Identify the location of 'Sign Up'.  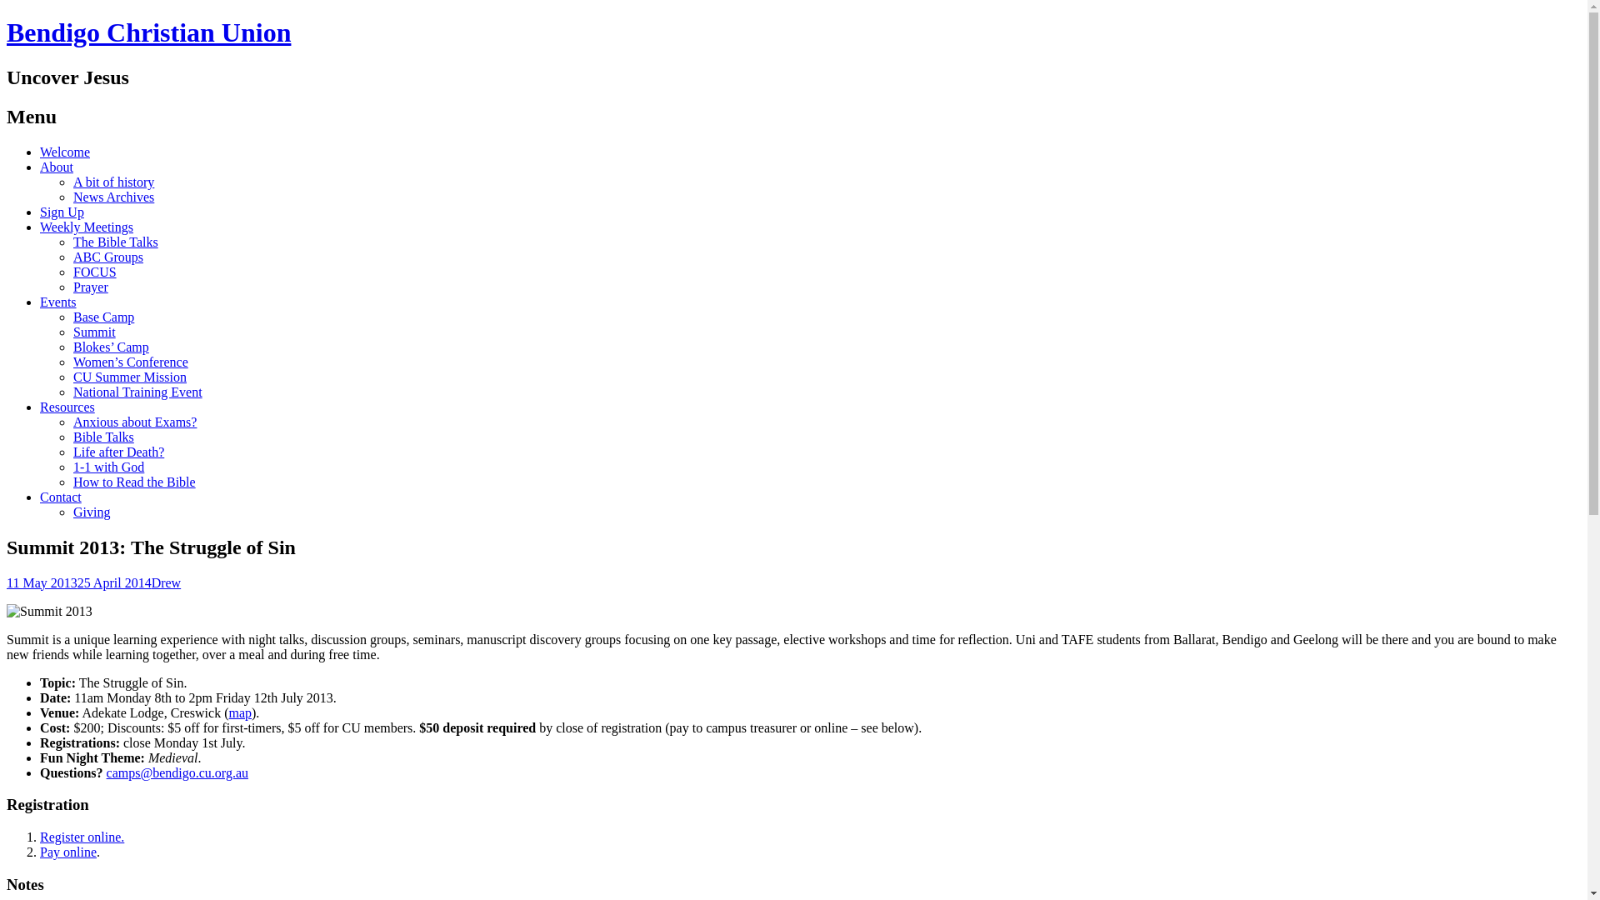
(62, 211).